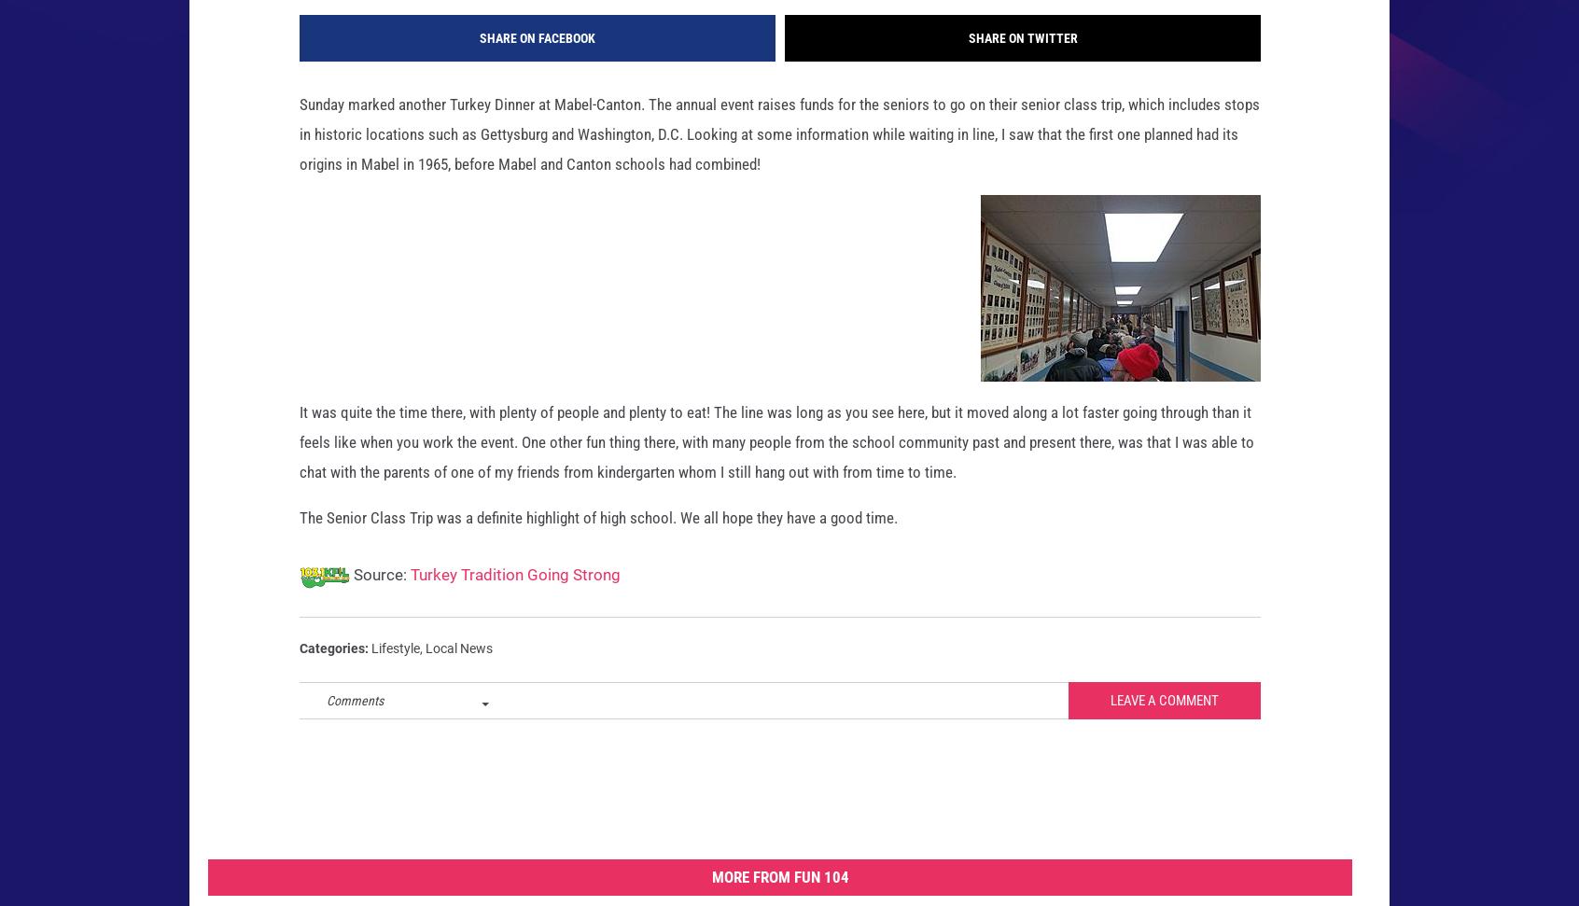 The width and height of the screenshot is (1579, 906). What do you see at coordinates (779, 163) in the screenshot?
I see `'Sunday marked another Turkey Dinner at Mabel-Canton. The annual event raises funds for the seniors to go on their senior class trip, which includes stops in historic locations such as Gettysburg and Washington, D.C. Looking at some information while waiting in line, I saw that the first one planned had its origins in Mabel in 1965, before Mabel and Canton schools had combined!'` at bounding box center [779, 163].